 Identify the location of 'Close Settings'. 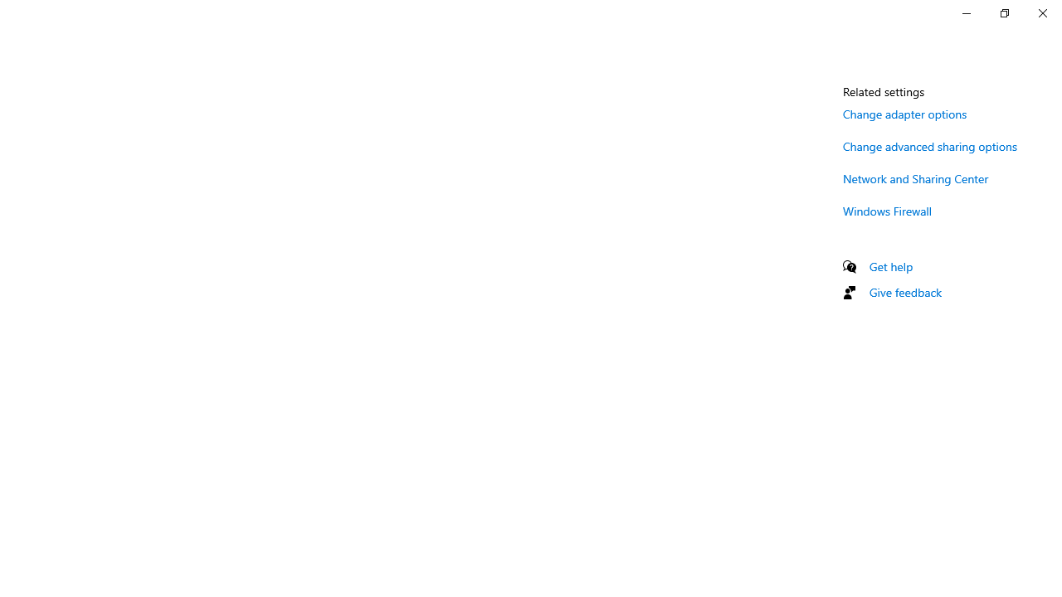
(1041, 12).